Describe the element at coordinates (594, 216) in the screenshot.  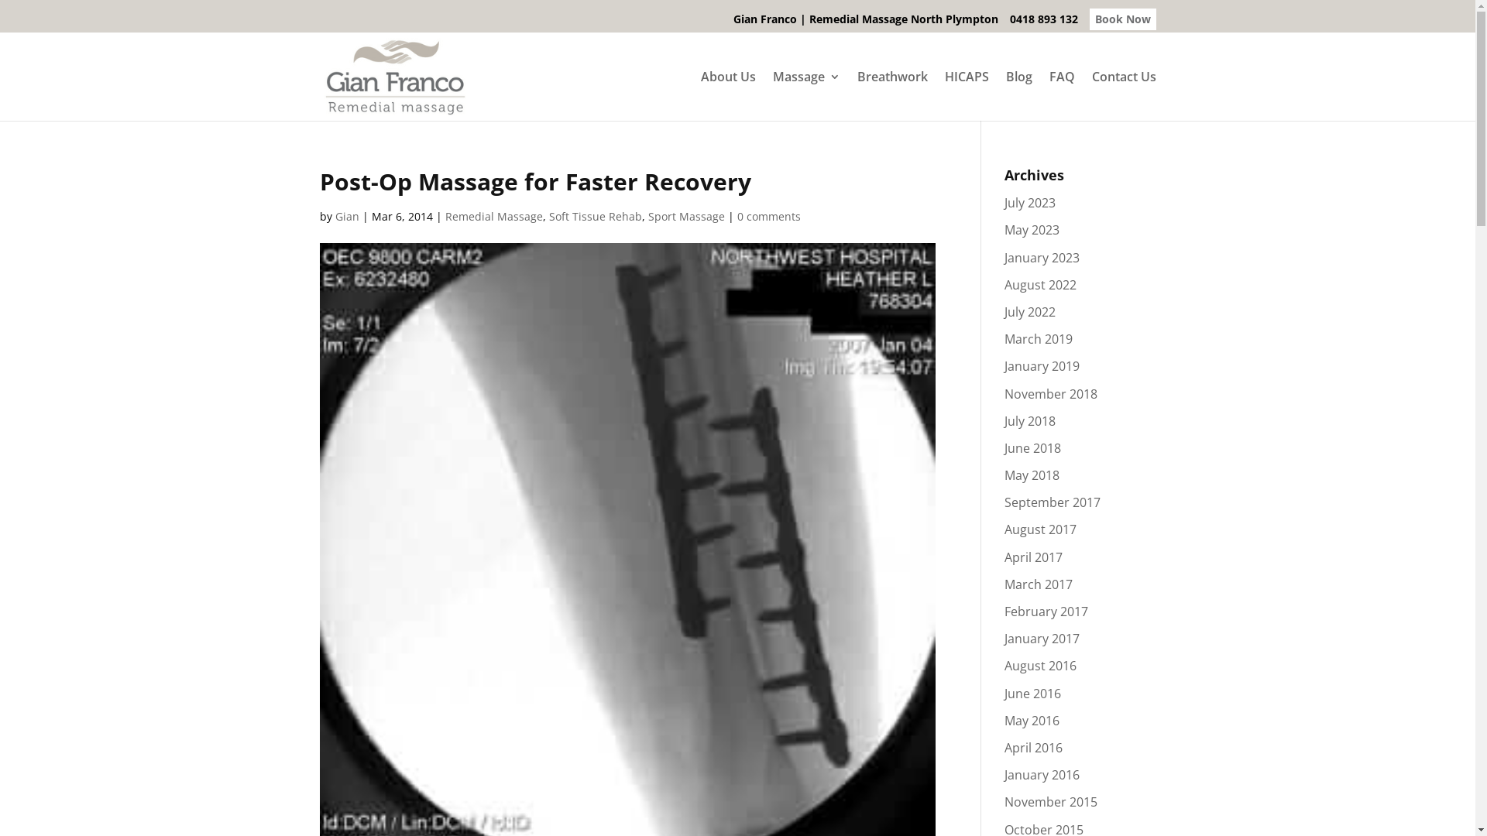
I see `'Soft Tissue Rehab'` at that location.